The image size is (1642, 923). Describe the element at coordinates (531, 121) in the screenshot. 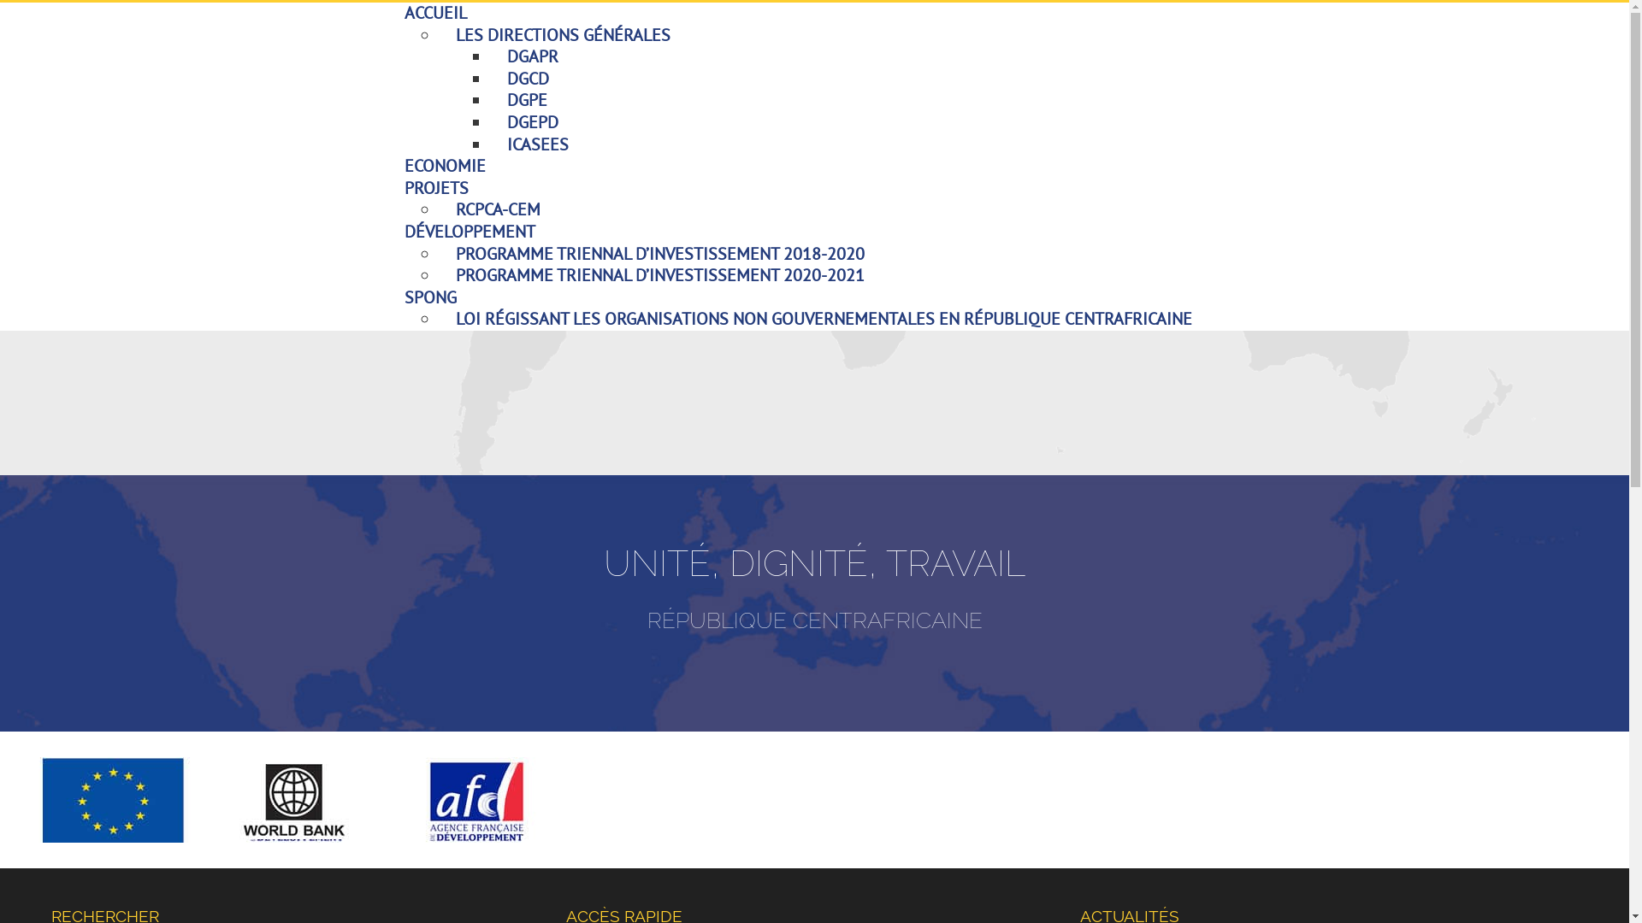

I see `'DGEPD'` at that location.